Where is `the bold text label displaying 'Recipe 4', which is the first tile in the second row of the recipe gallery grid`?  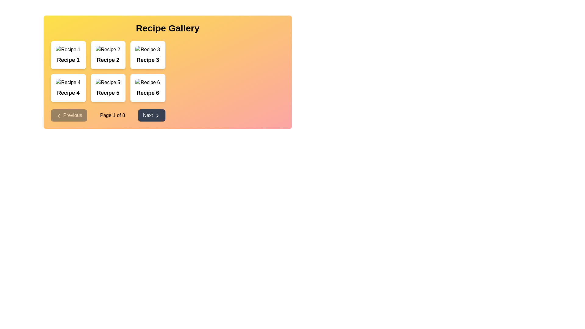 the bold text label displaying 'Recipe 4', which is the first tile in the second row of the recipe gallery grid is located at coordinates (68, 93).